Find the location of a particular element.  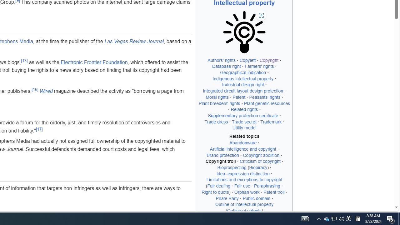

'Patent troll' is located at coordinates (274, 192).